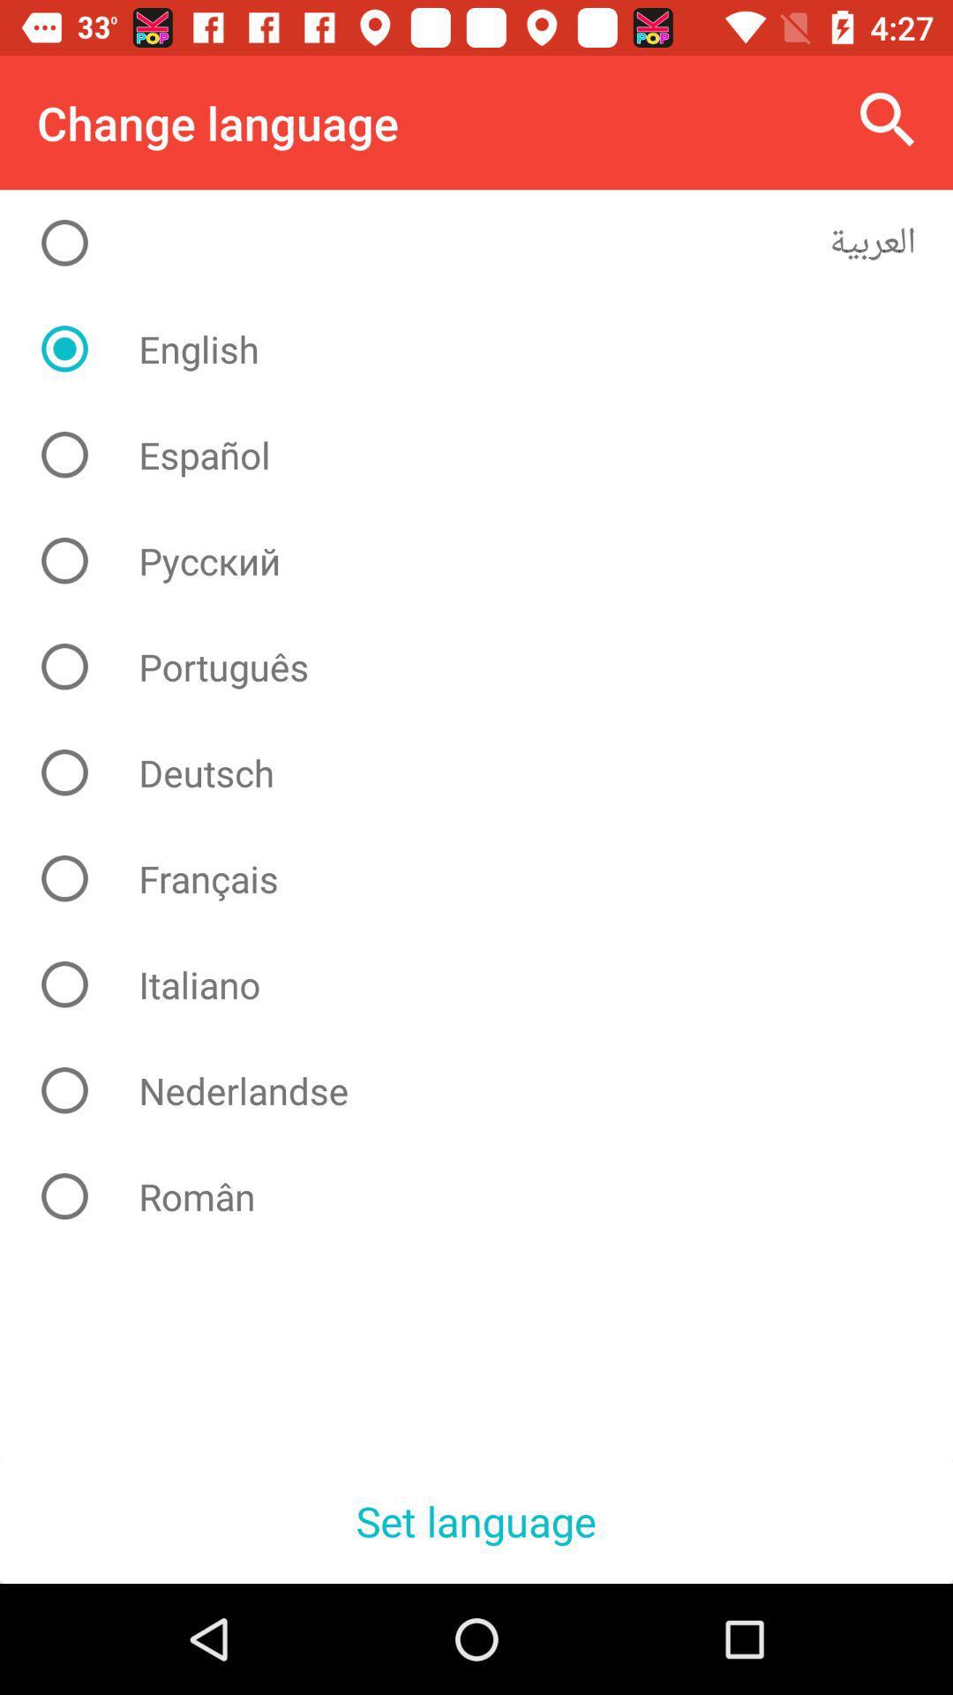 The width and height of the screenshot is (953, 1695). What do you see at coordinates (490, 772) in the screenshot?
I see `the deutsch` at bounding box center [490, 772].